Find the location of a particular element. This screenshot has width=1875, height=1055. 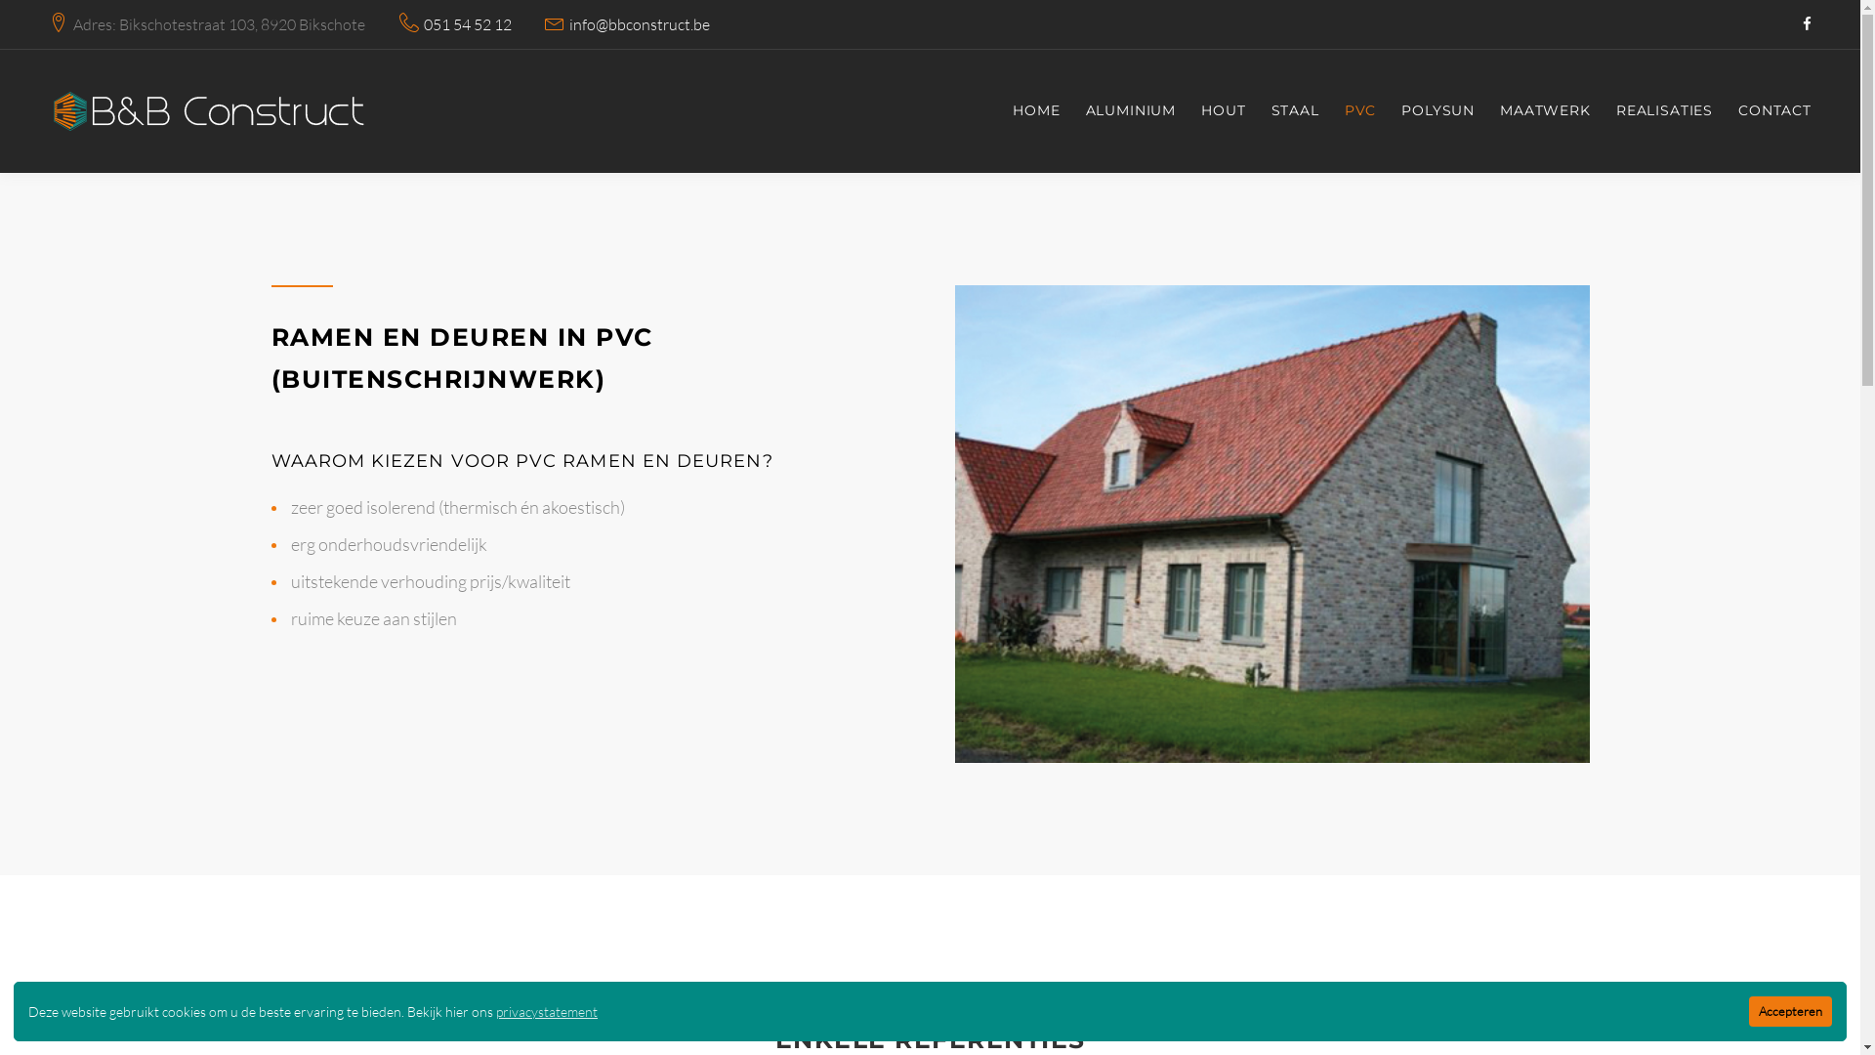

'info@bbconstruct.be' is located at coordinates (639, 24).